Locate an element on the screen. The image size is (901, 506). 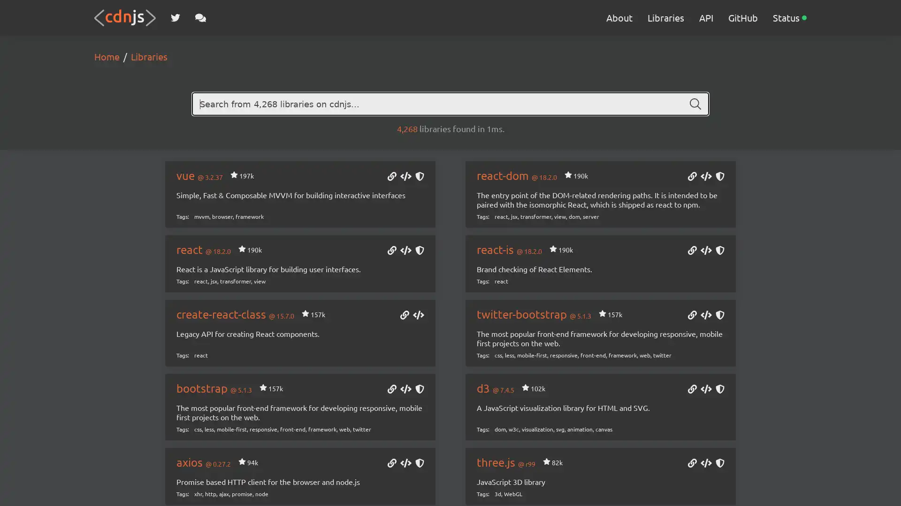
Copy URL is located at coordinates (391, 251).